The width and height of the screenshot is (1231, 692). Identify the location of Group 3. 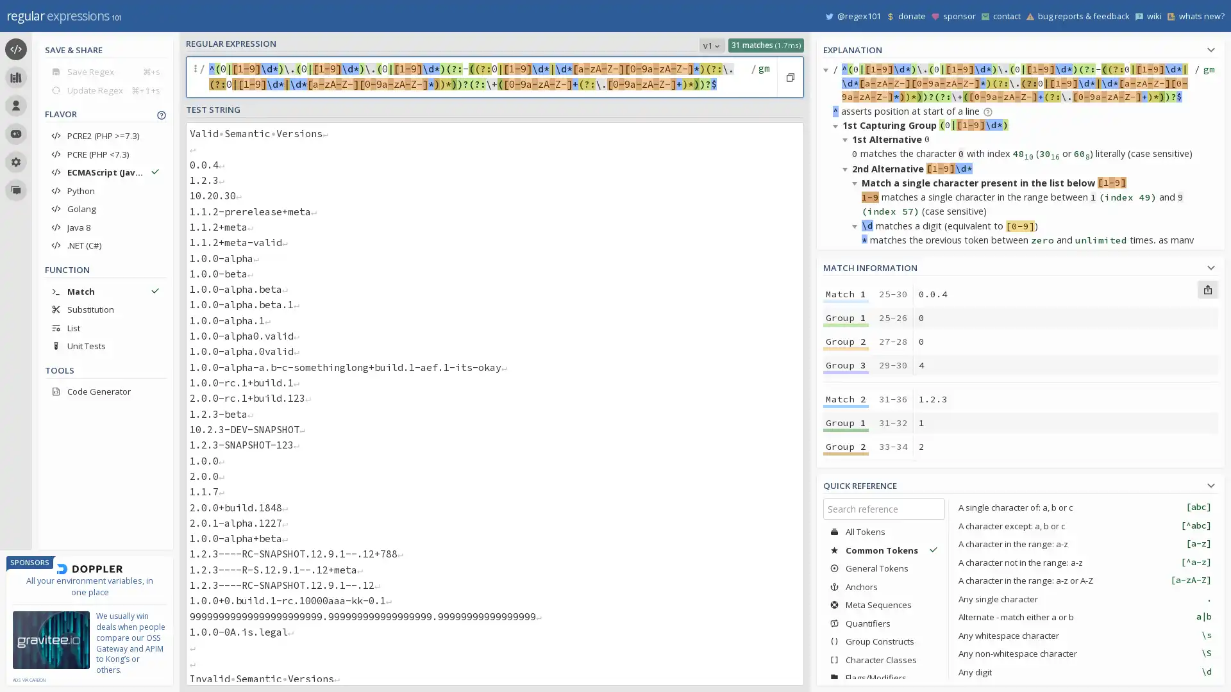
(846, 470).